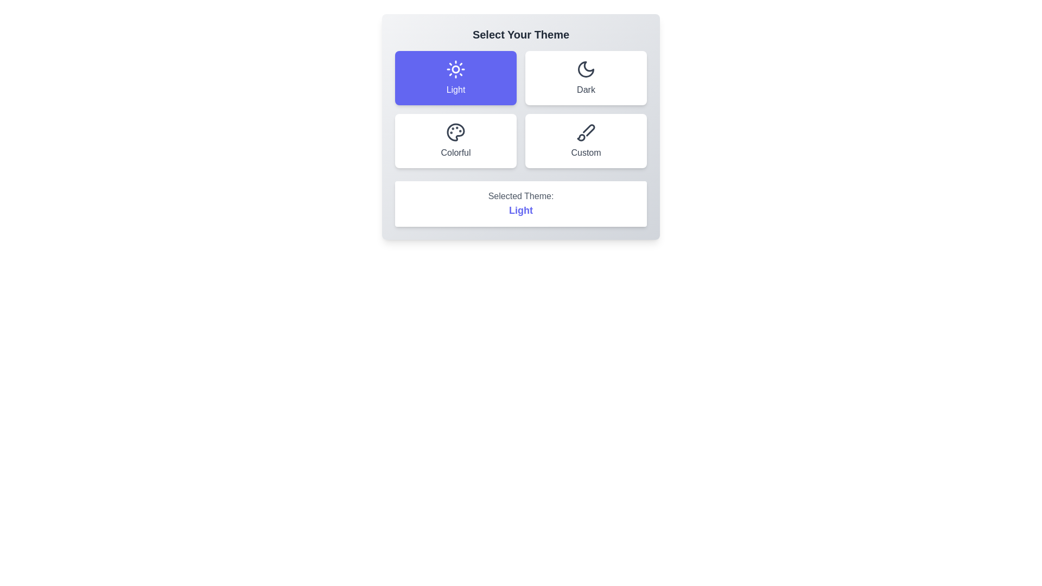  Describe the element at coordinates (456, 77) in the screenshot. I see `the Light button to select the corresponding theme` at that location.